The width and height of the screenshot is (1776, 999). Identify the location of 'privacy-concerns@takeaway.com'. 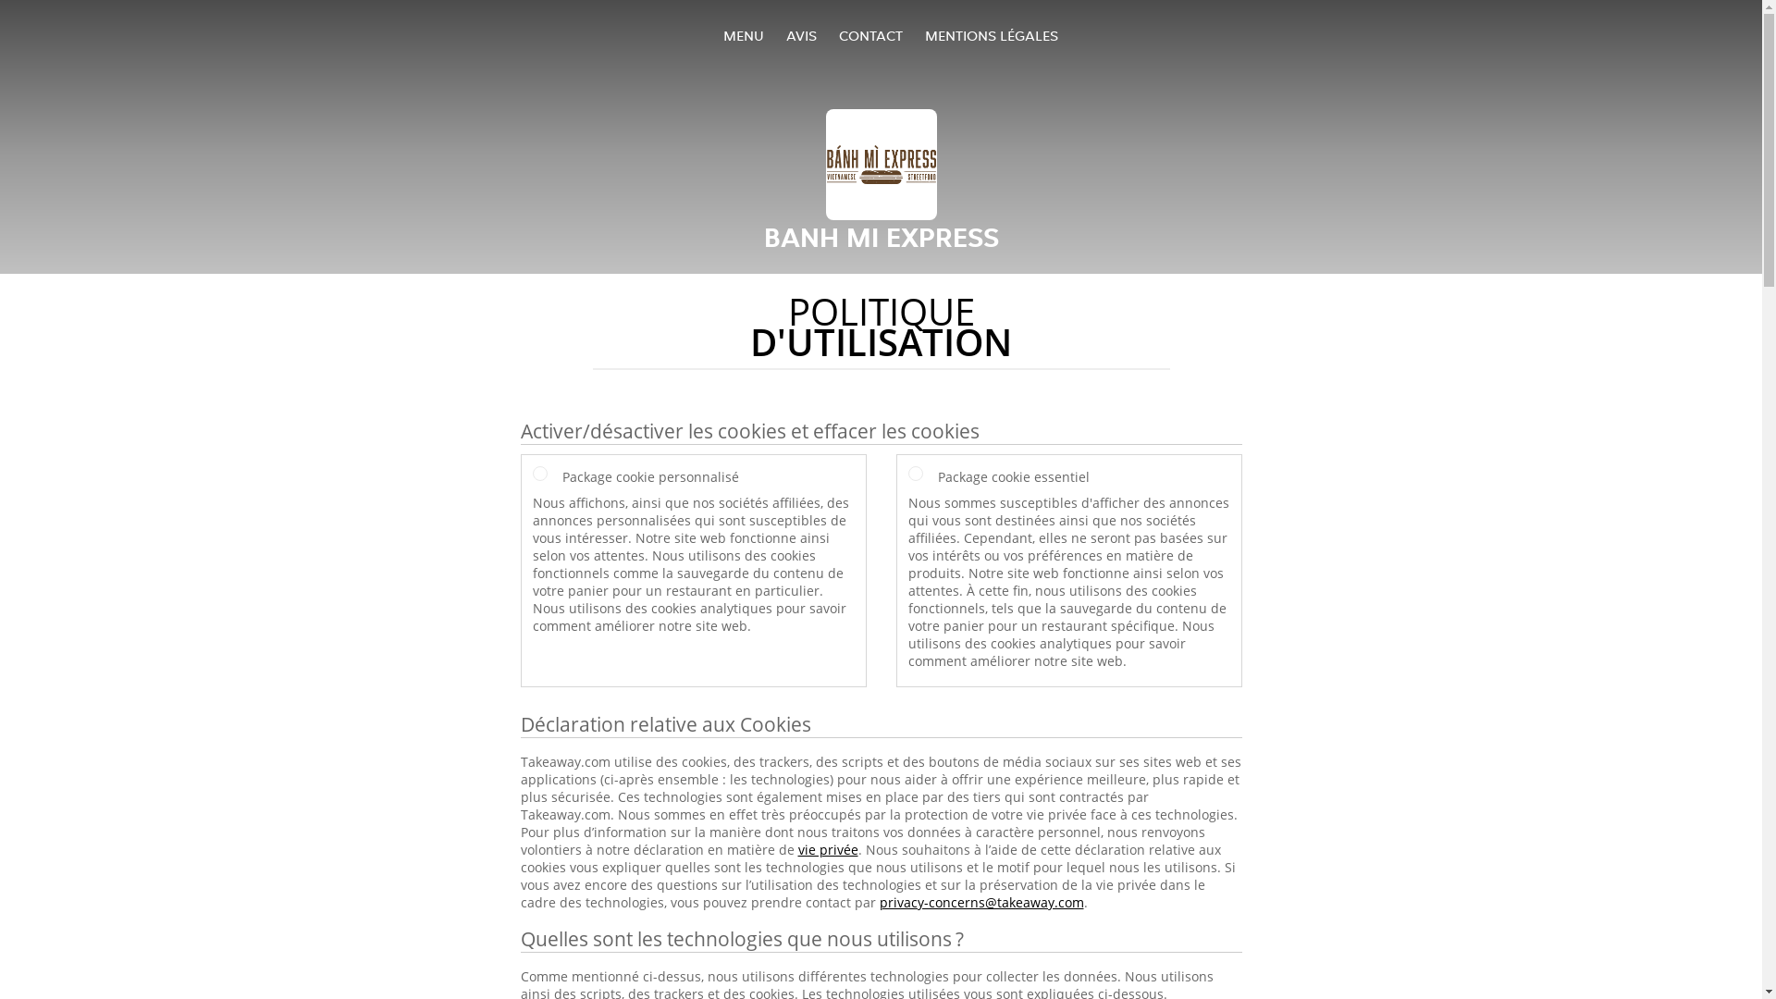
(878, 901).